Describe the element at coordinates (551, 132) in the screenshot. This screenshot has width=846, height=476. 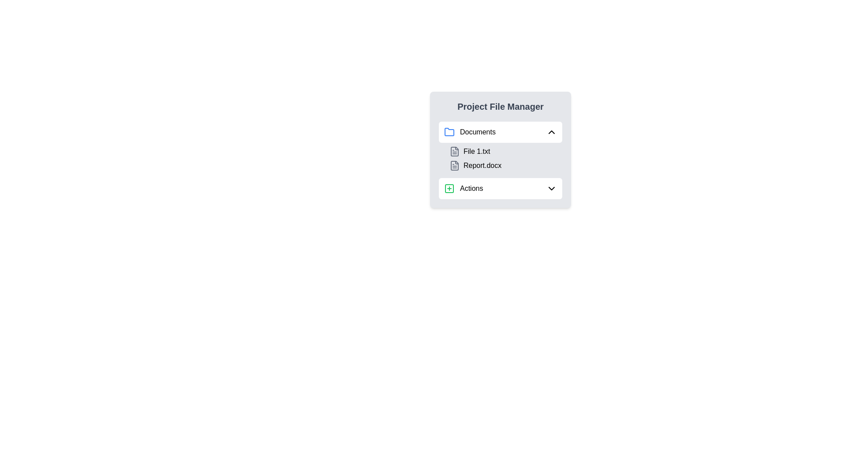
I see `the small, upward-pointing arrow icon next to the 'Documents' label` at that location.